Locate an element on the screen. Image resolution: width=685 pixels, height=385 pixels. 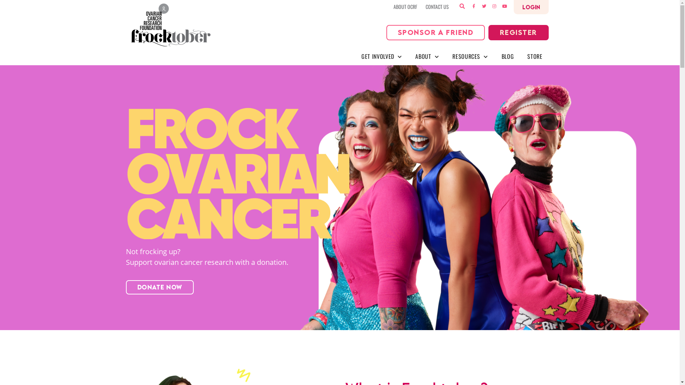
'DONATE NOW' is located at coordinates (125, 287).